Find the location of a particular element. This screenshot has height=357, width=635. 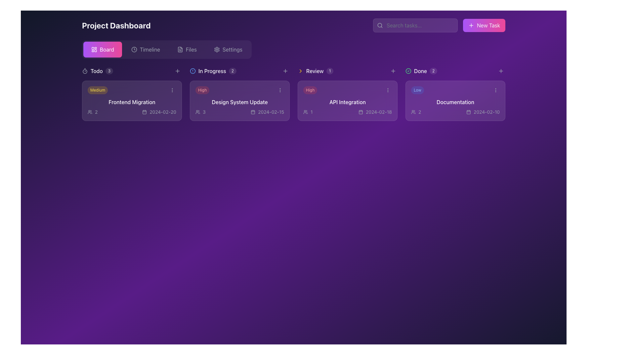

date displayed in the Label with a calendar icon that shows '2024-02-10' located in the Documentation card on the kanban board is located at coordinates (483, 112).